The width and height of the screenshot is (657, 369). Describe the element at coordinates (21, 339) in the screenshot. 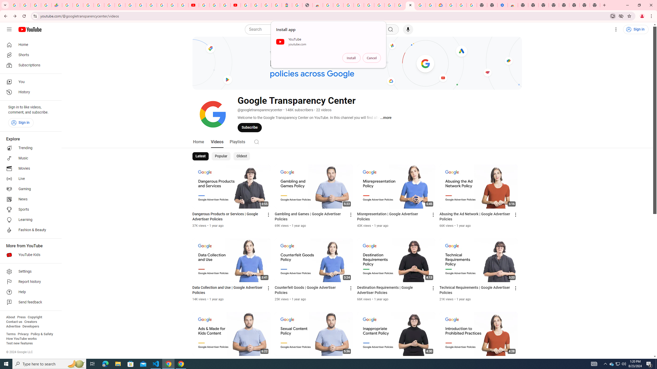

I see `'How YouTube works'` at that location.